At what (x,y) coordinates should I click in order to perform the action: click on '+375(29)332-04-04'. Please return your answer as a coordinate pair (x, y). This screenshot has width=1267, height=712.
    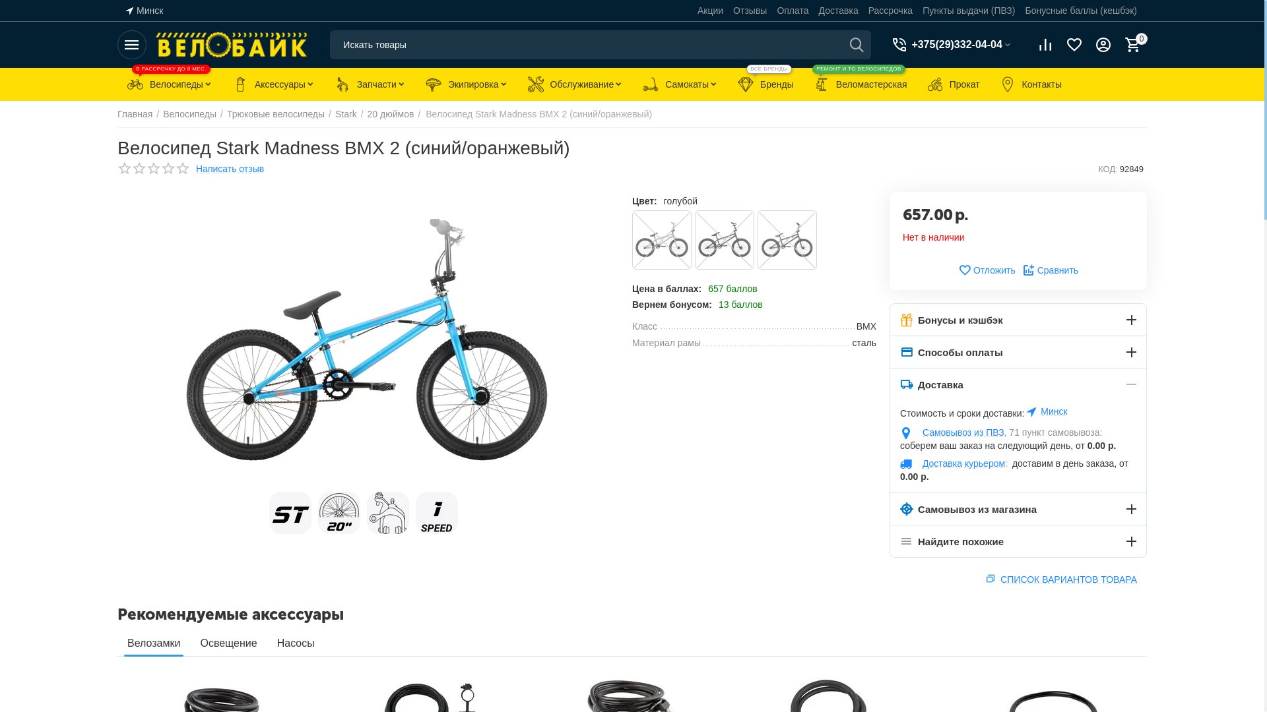
    Looking at the image, I should click on (956, 44).